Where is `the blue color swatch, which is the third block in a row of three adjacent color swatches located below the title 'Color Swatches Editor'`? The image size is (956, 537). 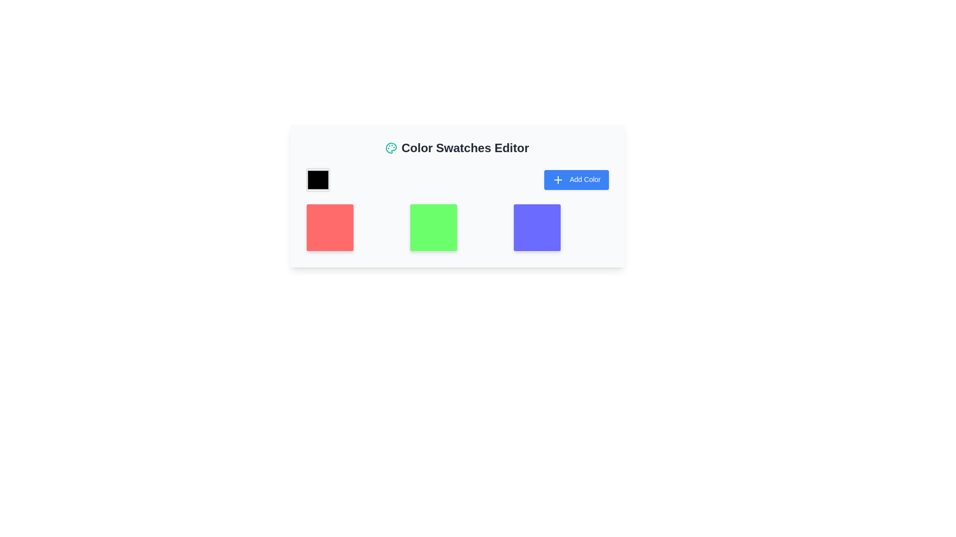
the blue color swatch, which is the third block in a row of three adjacent color swatches located below the title 'Color Swatches Editor' is located at coordinates (561, 228).